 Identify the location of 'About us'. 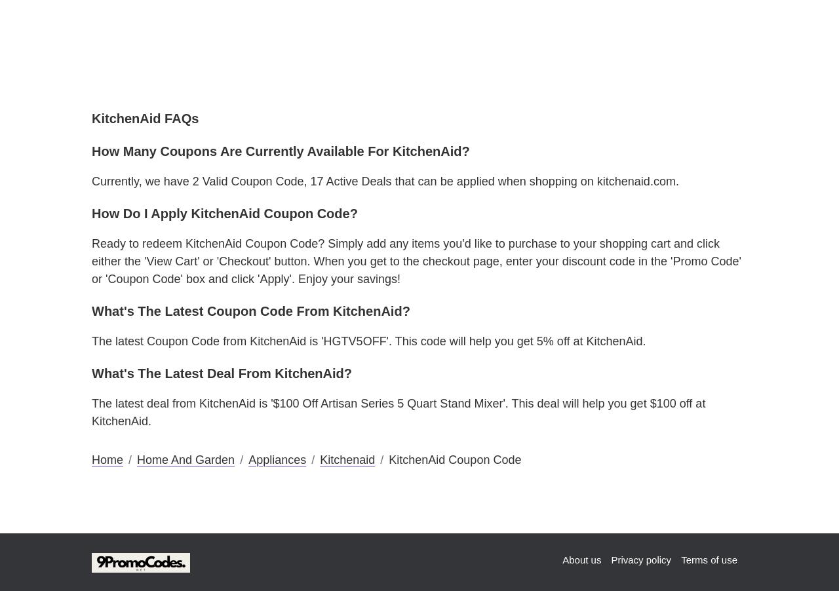
(581, 559).